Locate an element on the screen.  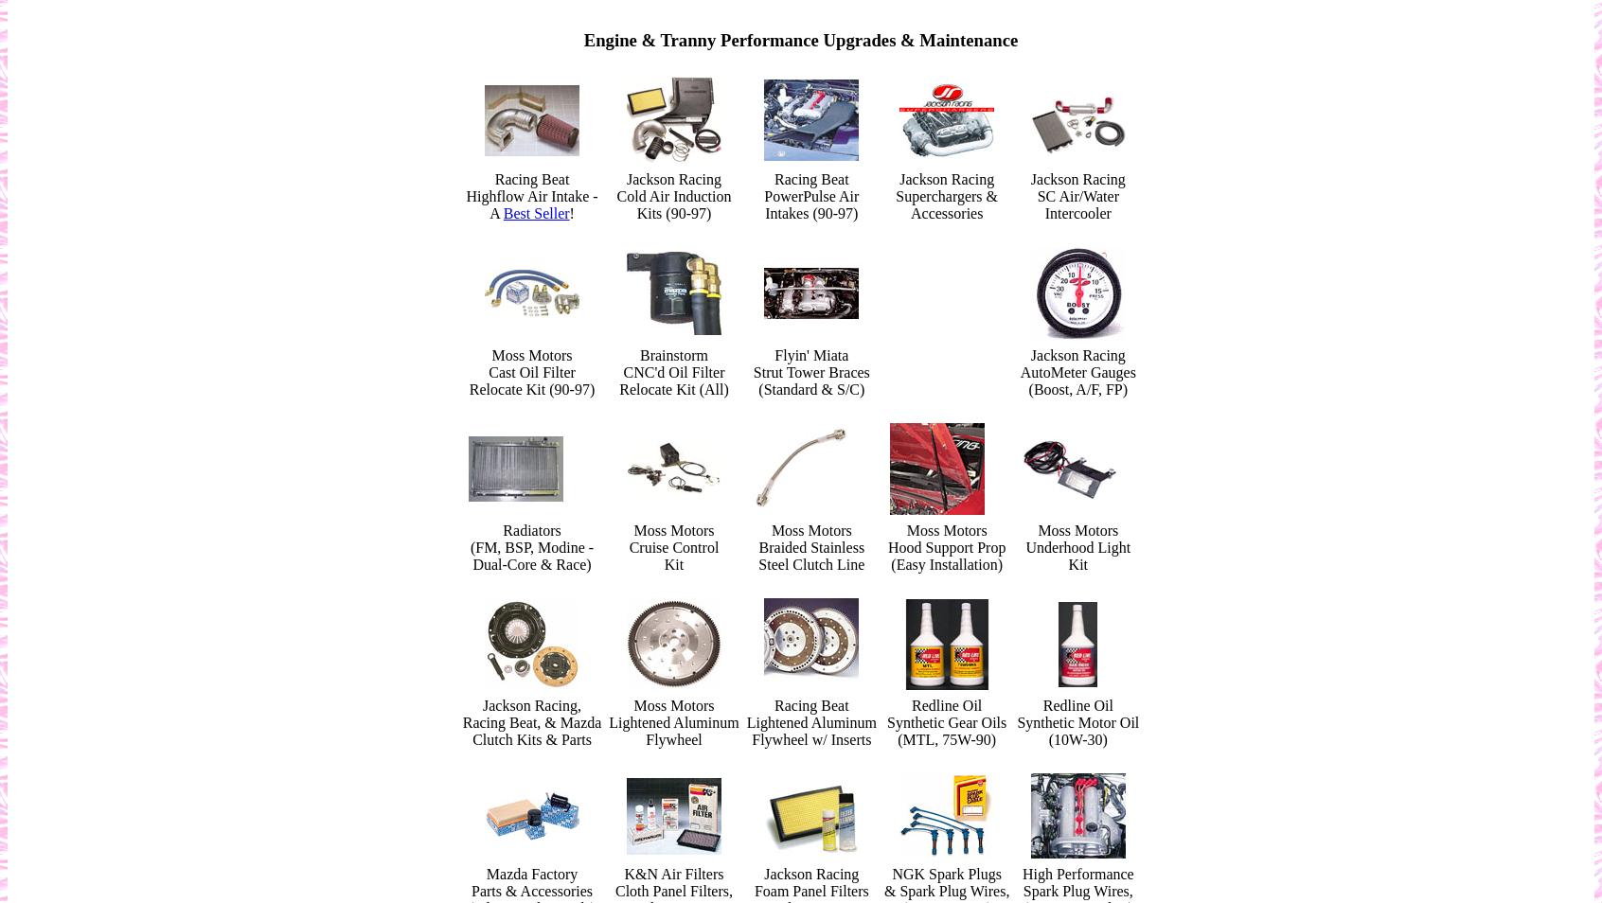
'(Easy Installation)' is located at coordinates (890, 563).